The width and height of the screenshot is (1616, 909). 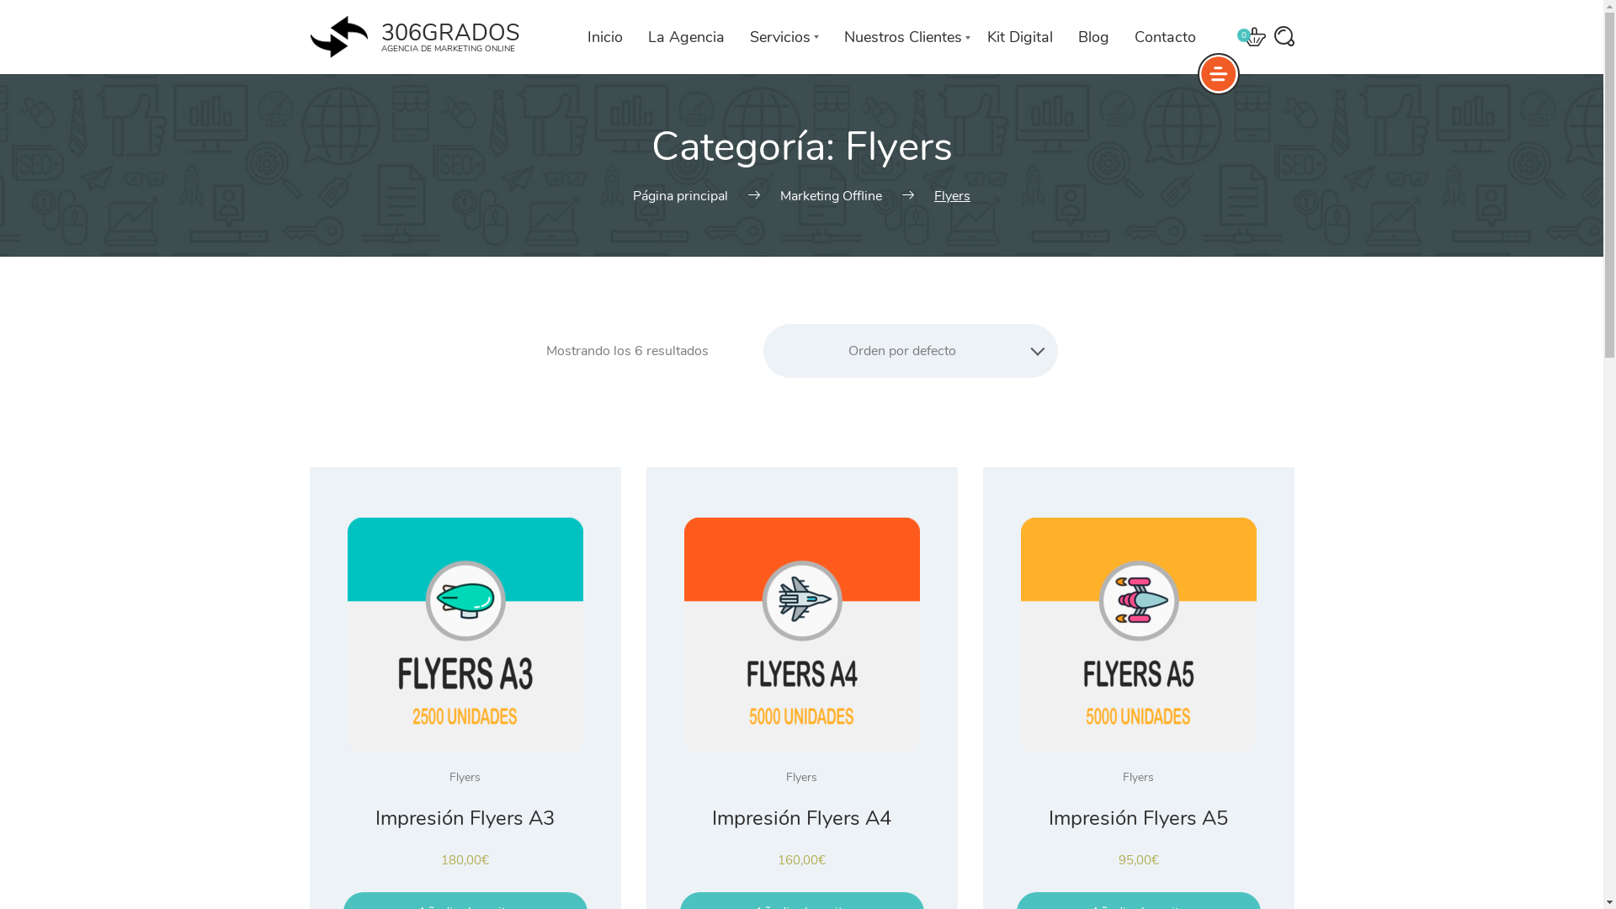 I want to click on 'Flyers', so click(x=800, y=777).